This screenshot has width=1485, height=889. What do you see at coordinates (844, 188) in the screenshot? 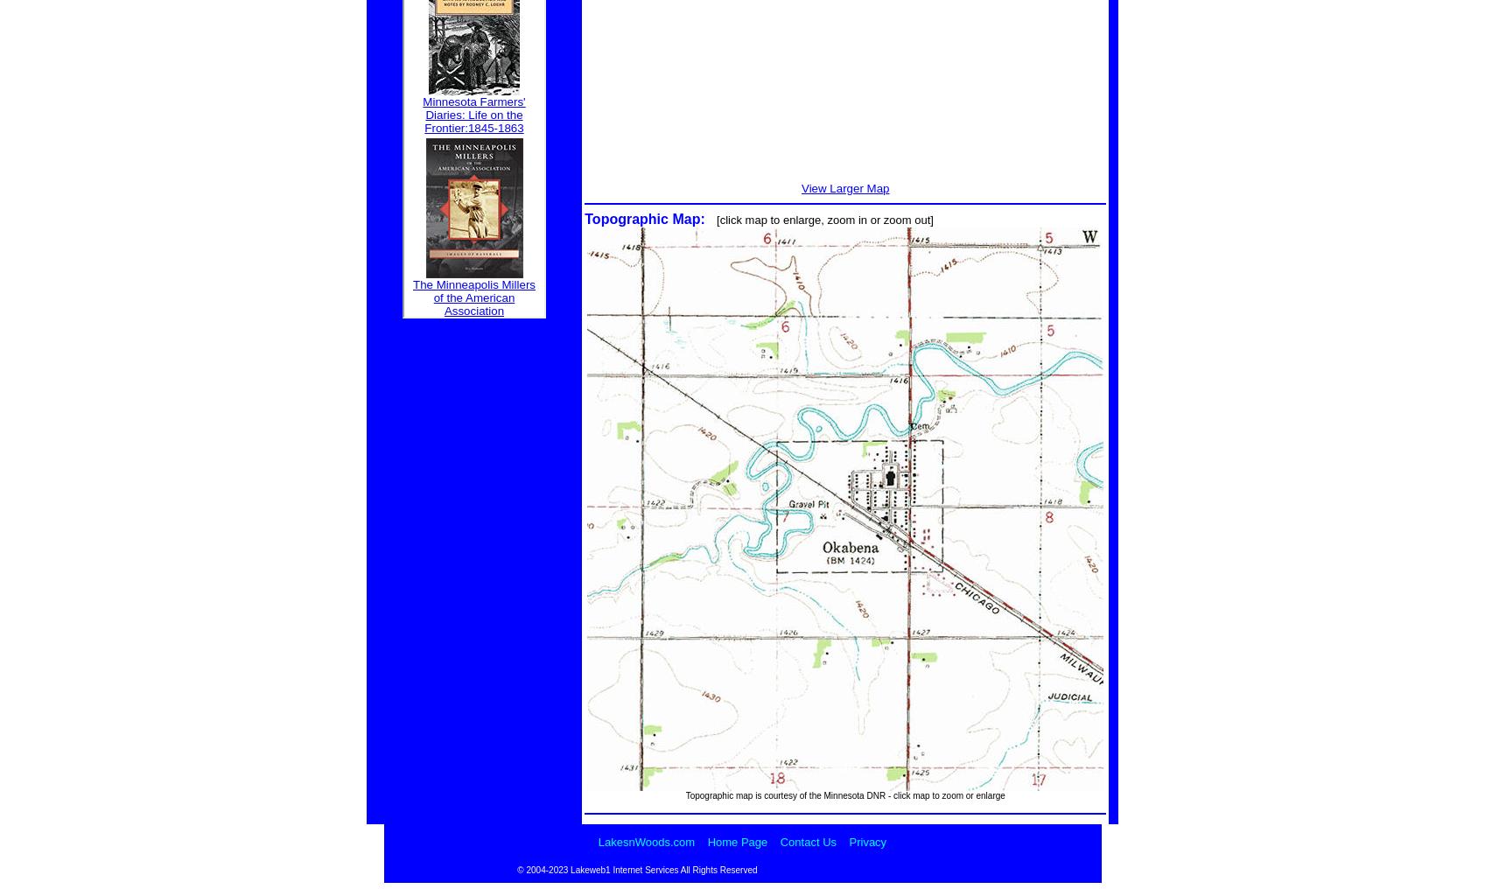
I see `'View Larger Map'` at bounding box center [844, 188].